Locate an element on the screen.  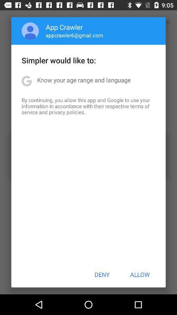
icon above simpler would like app is located at coordinates (30, 31).